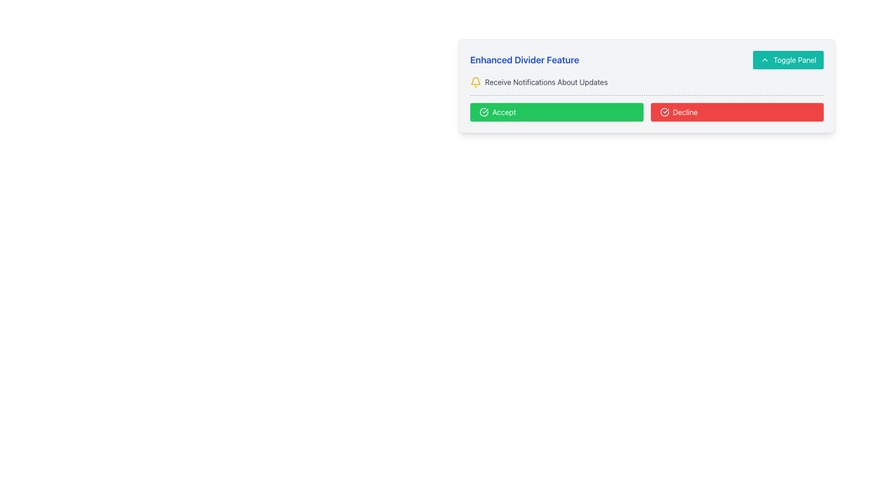  What do you see at coordinates (546, 81) in the screenshot?
I see `text label displaying 'Receive Notifications About Updates' which is positioned below the section title 'Enhanced Divider Feature' and above the buttons 'Accept' and 'Decline'` at bounding box center [546, 81].